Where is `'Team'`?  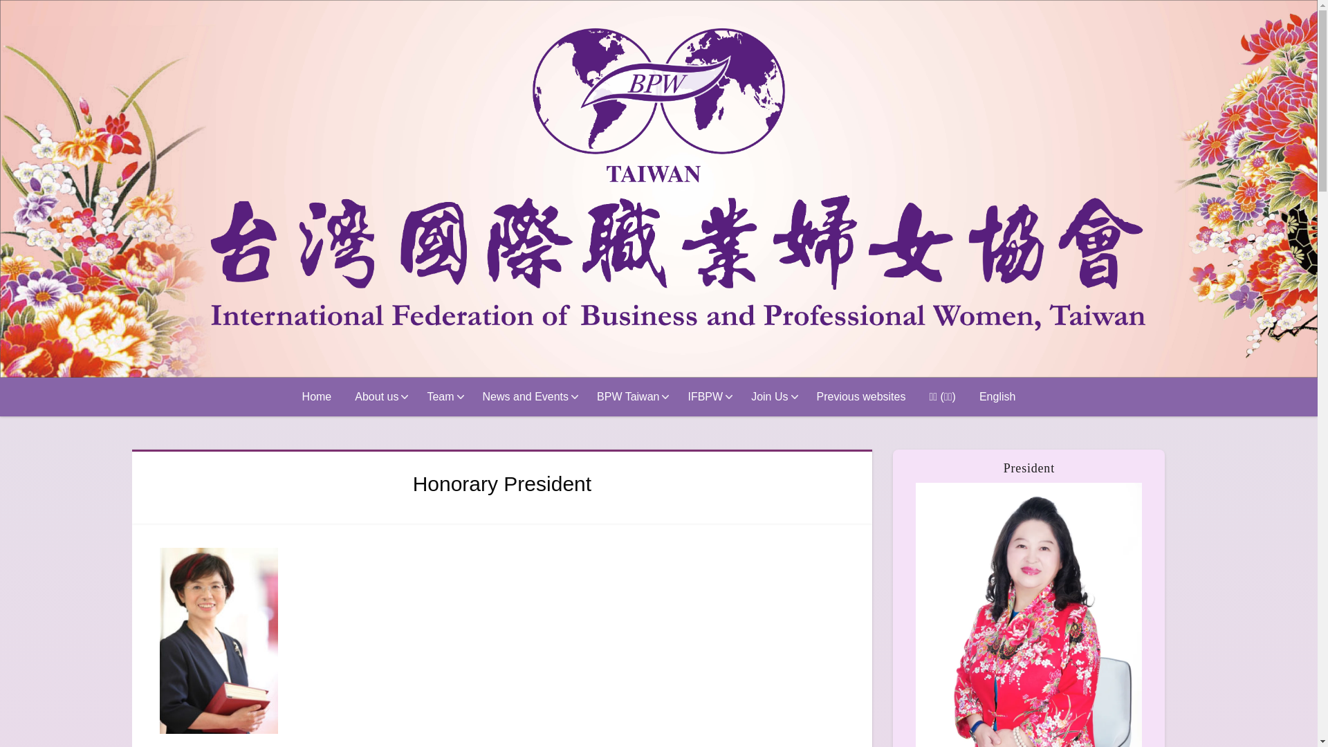
'Team' is located at coordinates (441, 397).